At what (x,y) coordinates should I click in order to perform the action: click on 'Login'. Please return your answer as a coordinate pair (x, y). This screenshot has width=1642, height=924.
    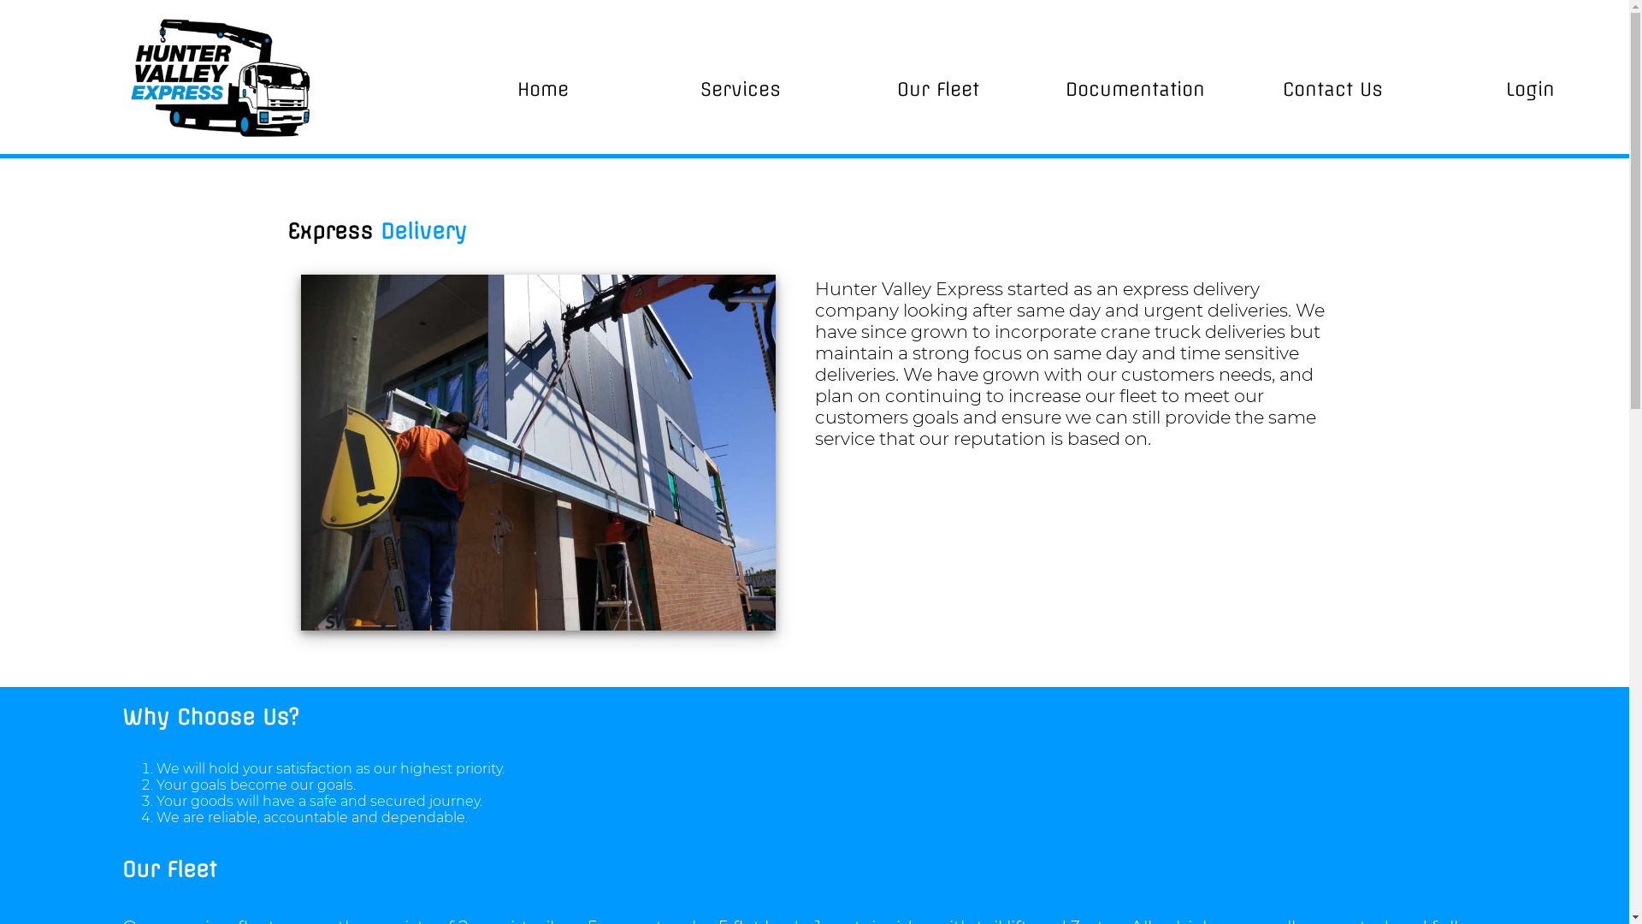
    Looking at the image, I should click on (1530, 89).